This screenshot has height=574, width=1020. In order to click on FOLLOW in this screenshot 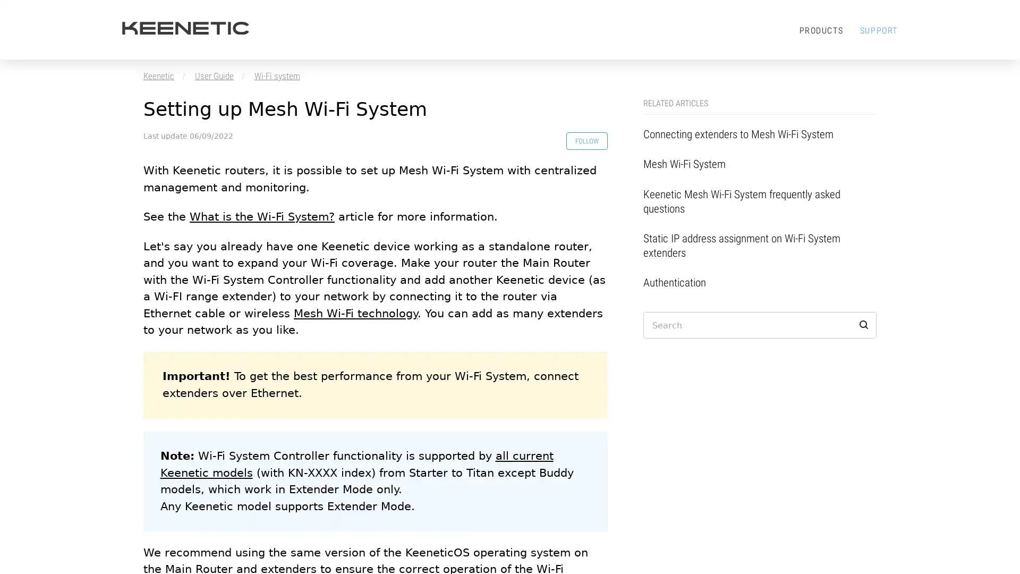, I will do `click(584, 141)`.